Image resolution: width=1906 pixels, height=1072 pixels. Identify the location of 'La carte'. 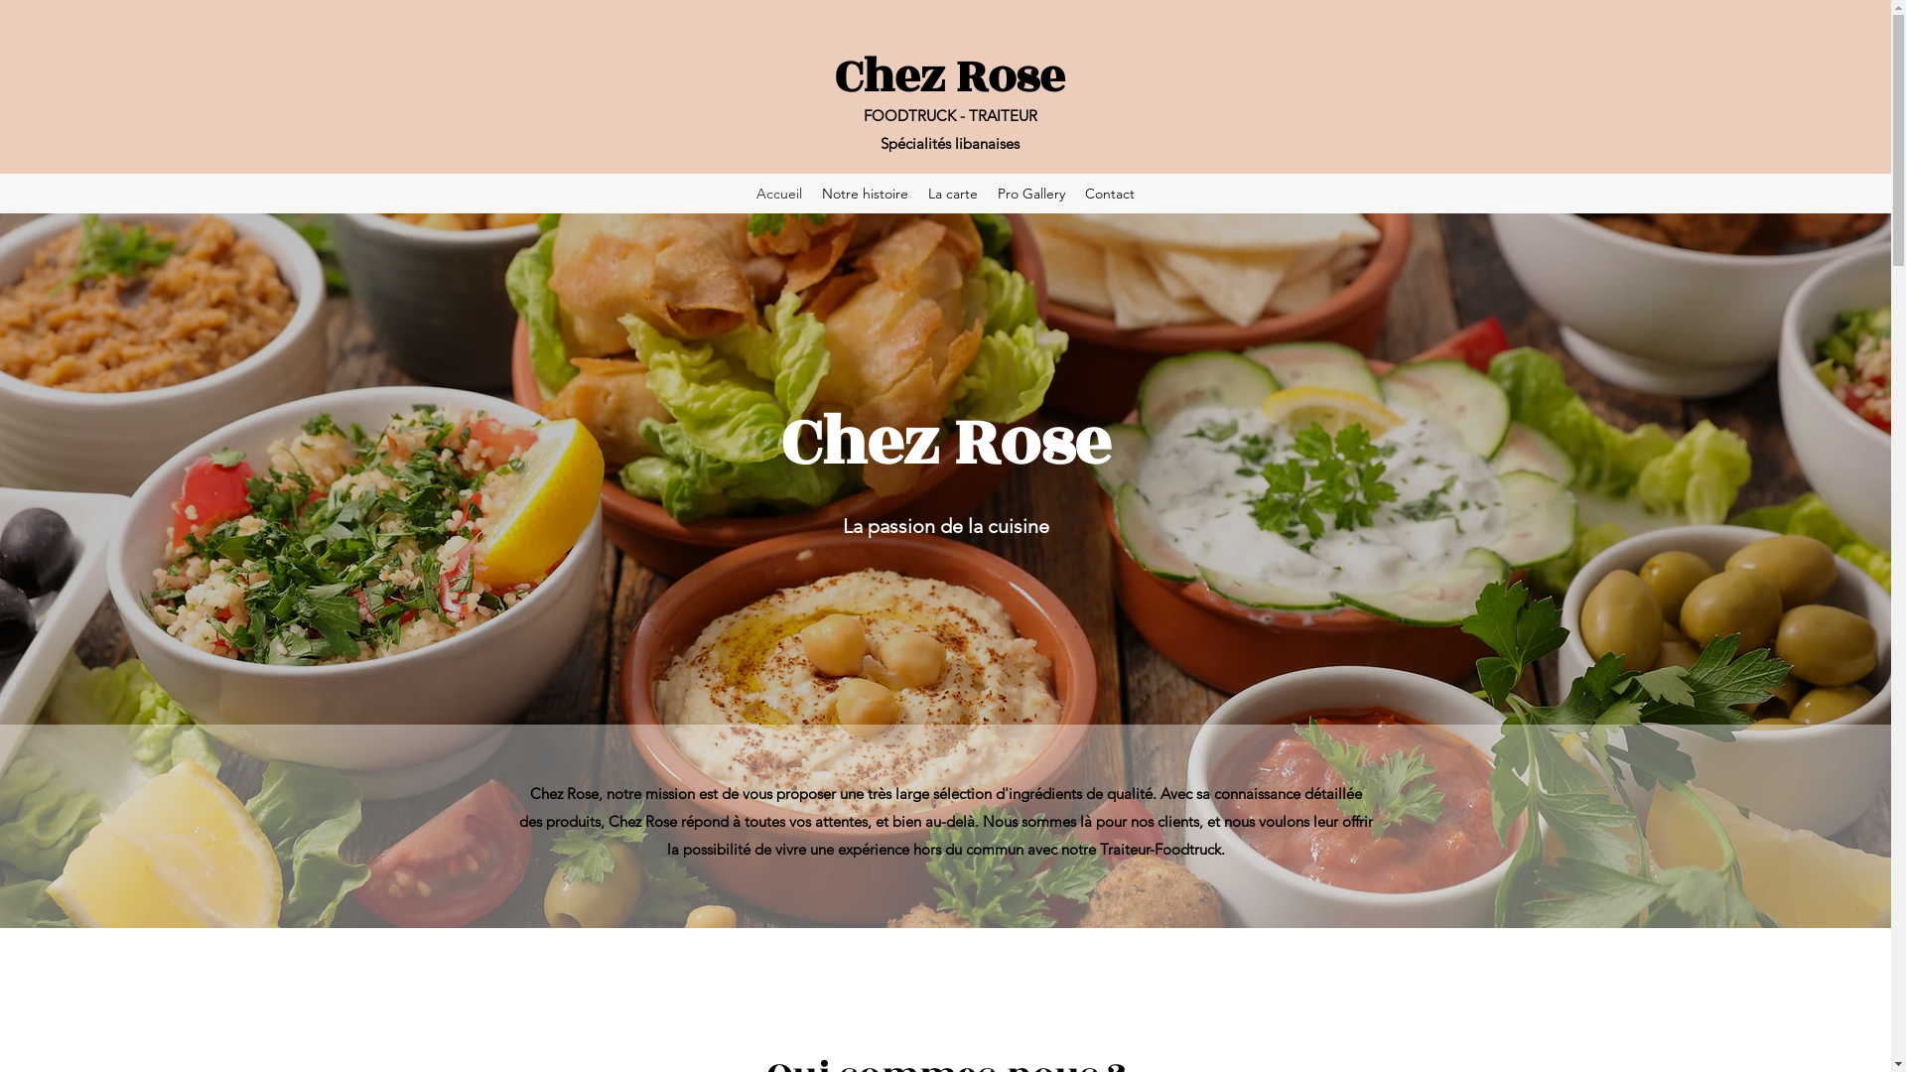
(953, 194).